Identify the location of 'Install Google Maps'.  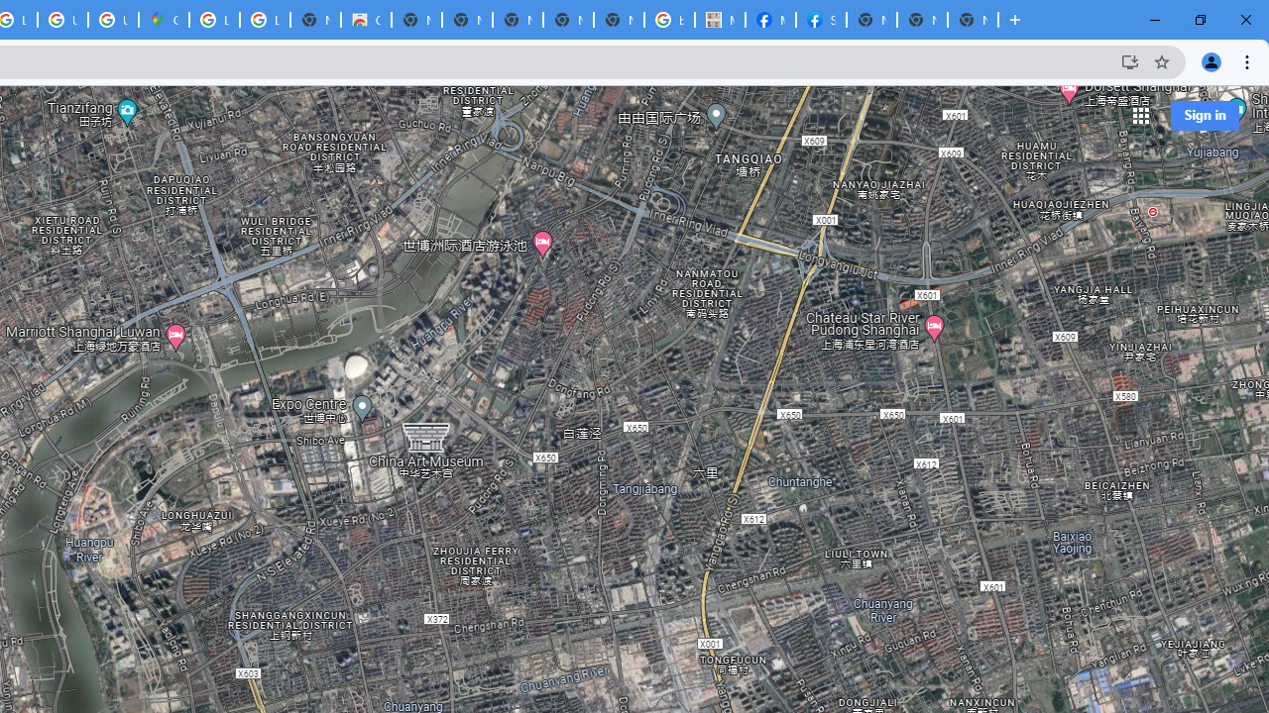
(1129, 60).